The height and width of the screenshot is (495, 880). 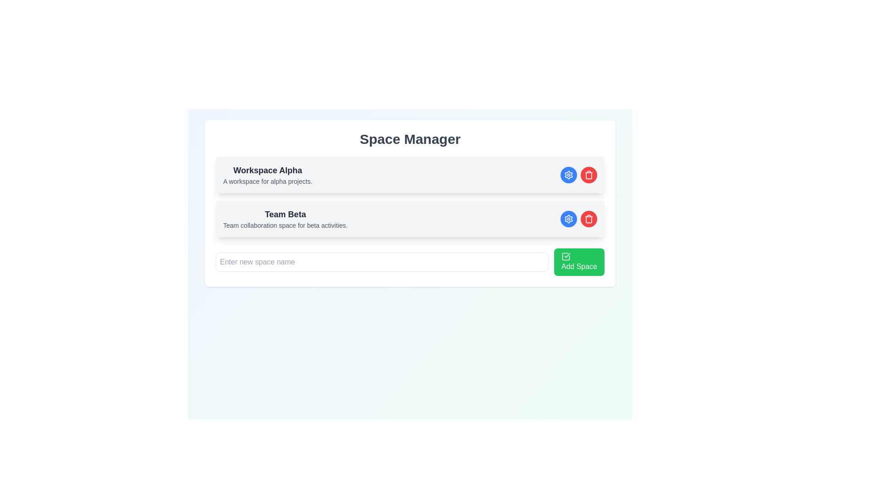 I want to click on the delete button located in the top-right area of the 'Team Beta' section, which is to the right of a blue circular settings button, so click(x=578, y=219).